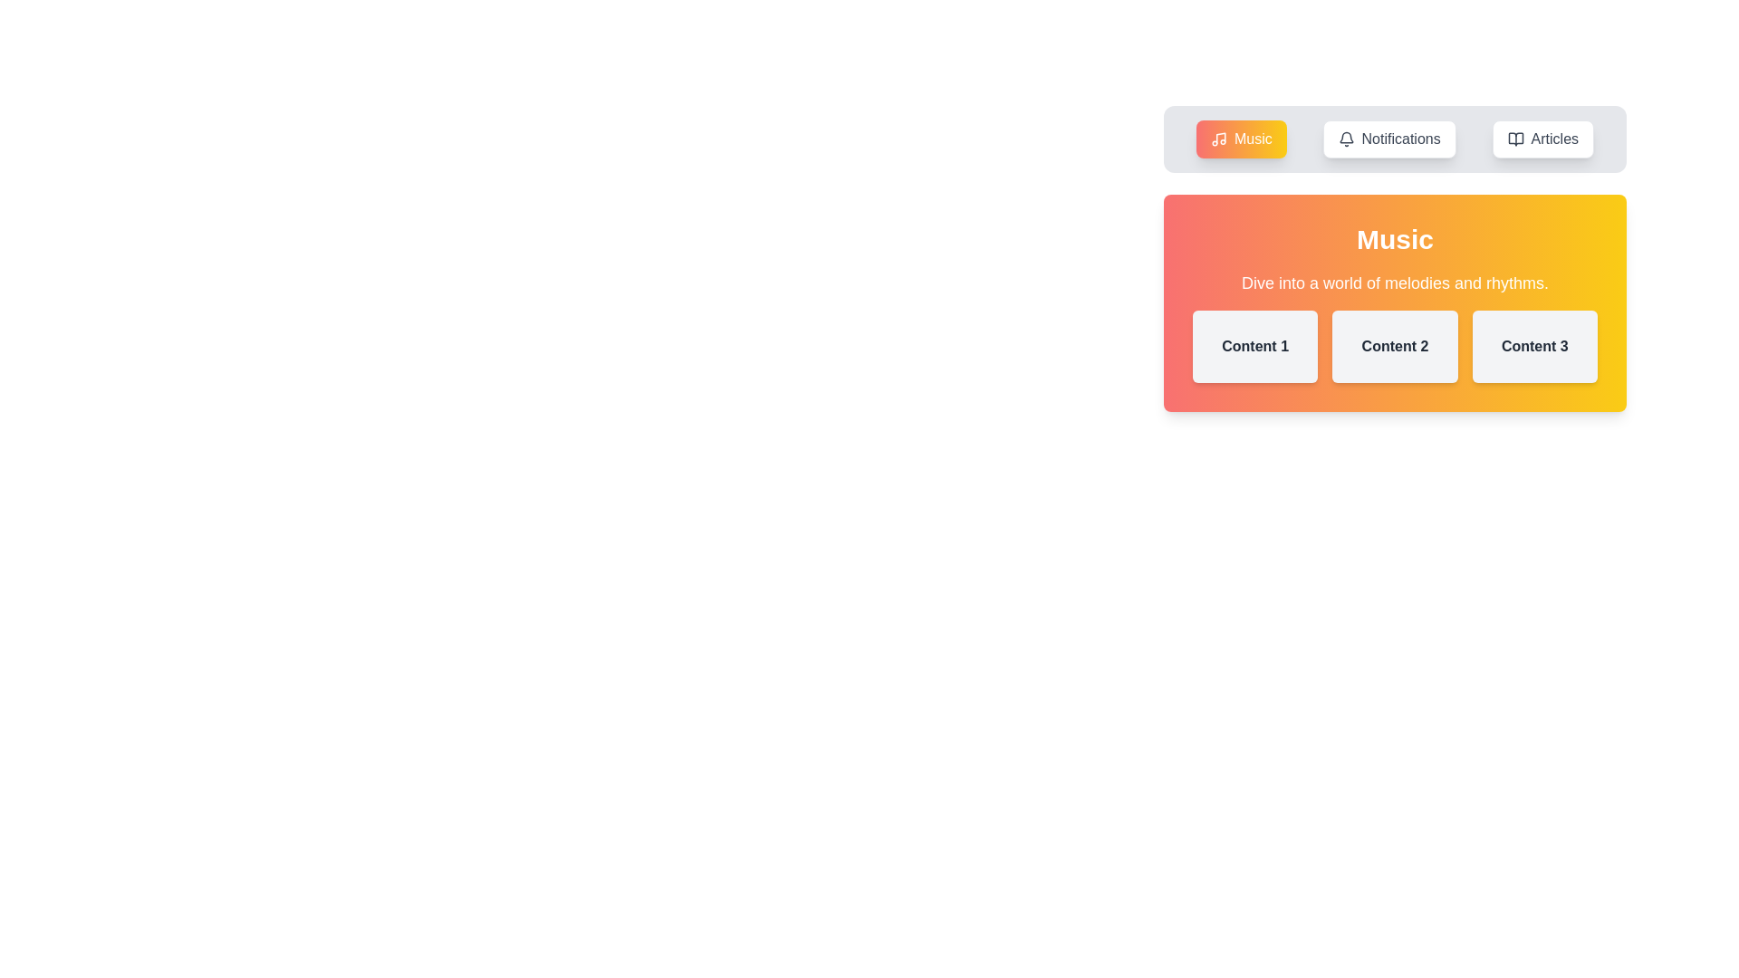  Describe the element at coordinates (1240, 139) in the screenshot. I see `the tab labeled Music to switch to it` at that location.